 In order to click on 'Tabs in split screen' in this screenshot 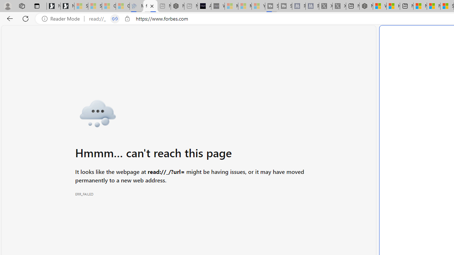, I will do `click(115, 18)`.